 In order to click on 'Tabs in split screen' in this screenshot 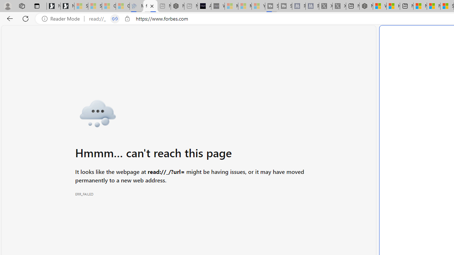, I will do `click(115, 18)`.